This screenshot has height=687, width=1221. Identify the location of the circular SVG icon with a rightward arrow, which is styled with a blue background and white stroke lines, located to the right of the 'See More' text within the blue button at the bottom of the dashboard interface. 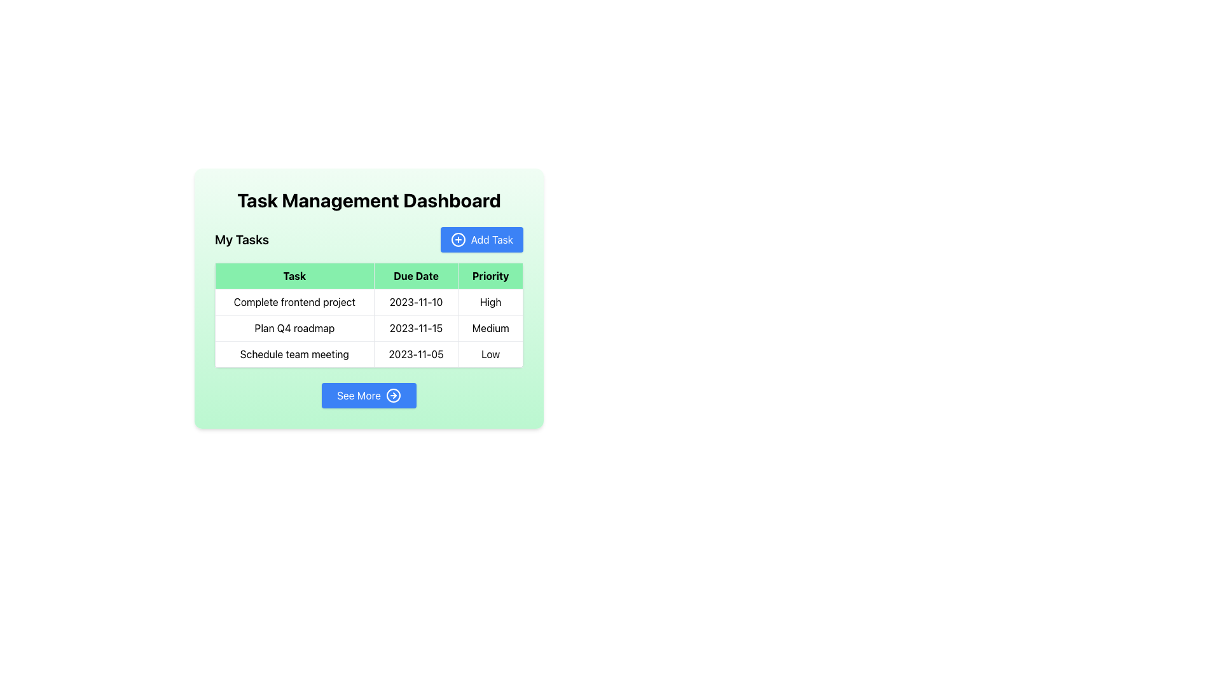
(393, 394).